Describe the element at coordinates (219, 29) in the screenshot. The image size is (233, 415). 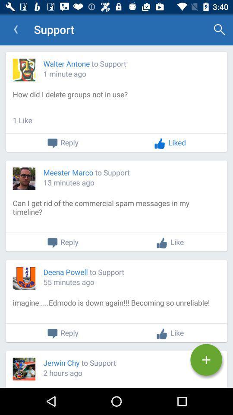
I see `the icon which is at the top right corner` at that location.